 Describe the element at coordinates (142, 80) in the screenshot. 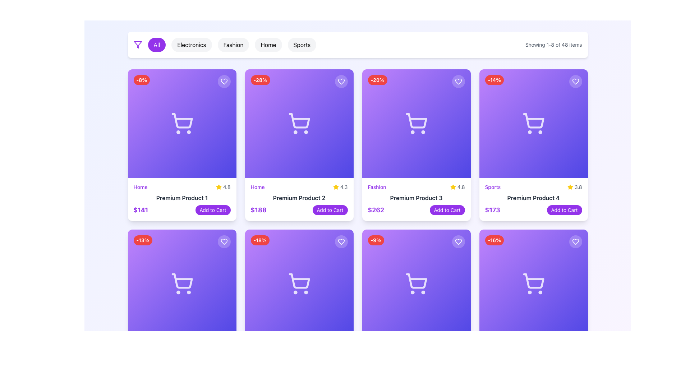

I see `the discount badge located in the top-left corner of the card for 'Premium Product 1', which indicates a price reduction` at that location.